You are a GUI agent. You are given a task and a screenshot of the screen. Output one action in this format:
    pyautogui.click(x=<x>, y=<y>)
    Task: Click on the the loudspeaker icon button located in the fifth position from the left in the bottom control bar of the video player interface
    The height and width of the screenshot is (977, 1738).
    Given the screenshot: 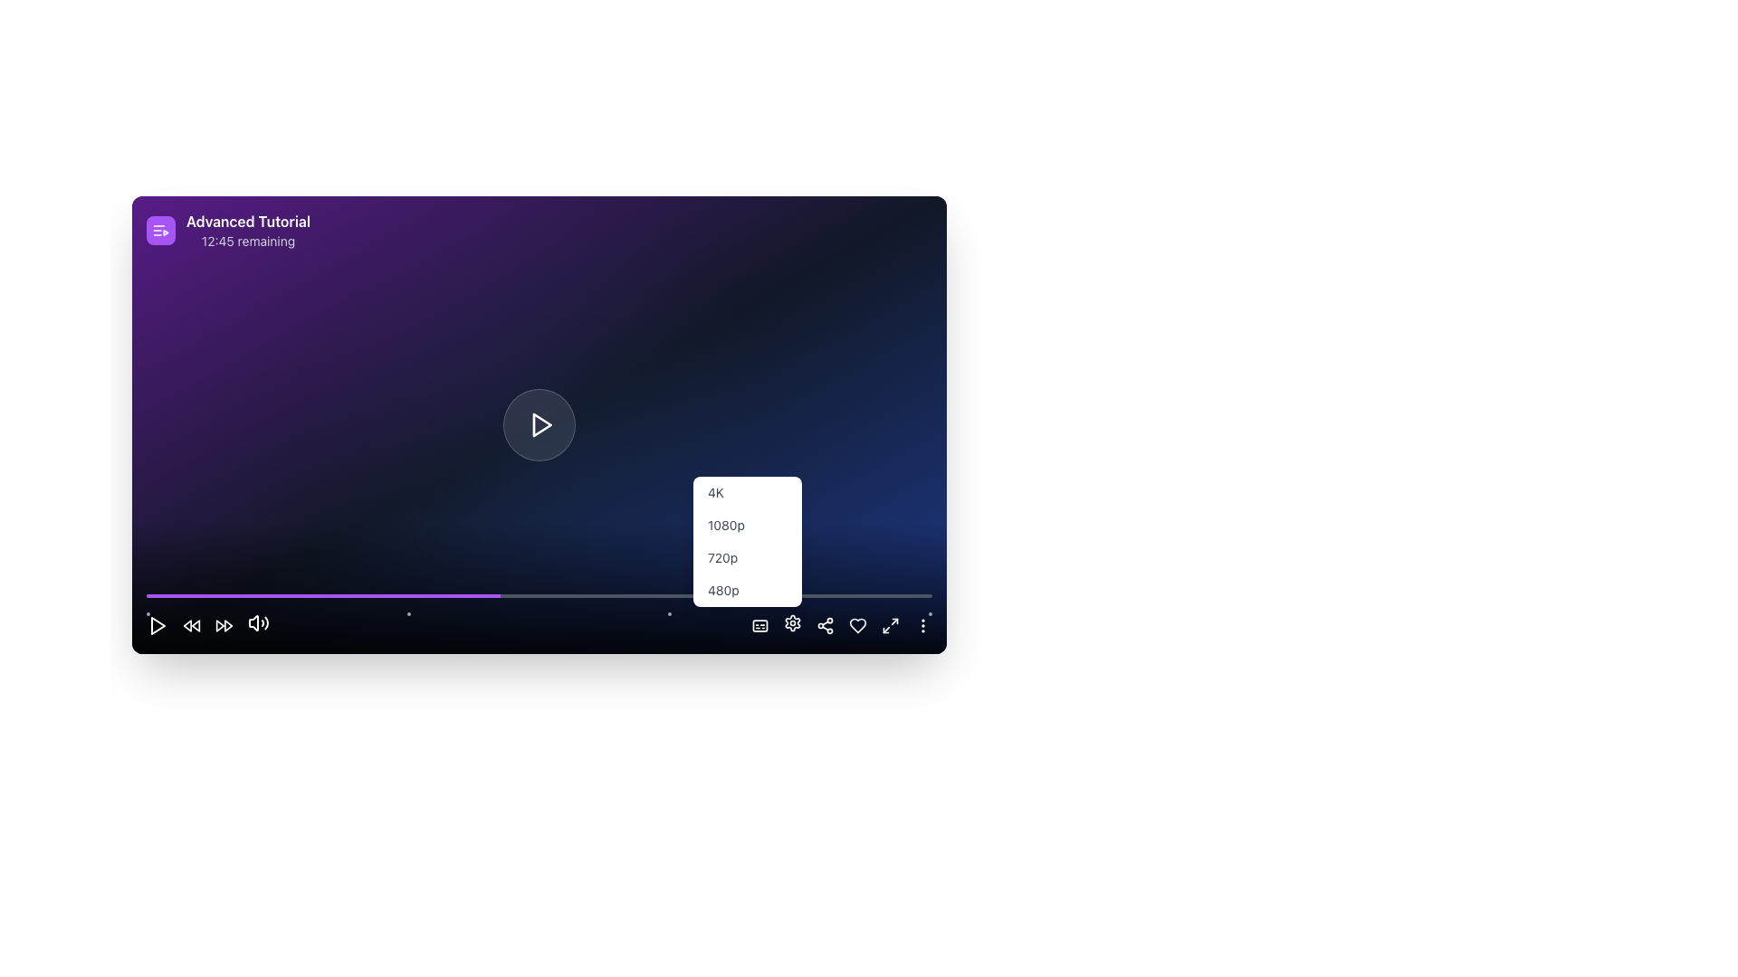 What is the action you would take?
    pyautogui.click(x=258, y=624)
    